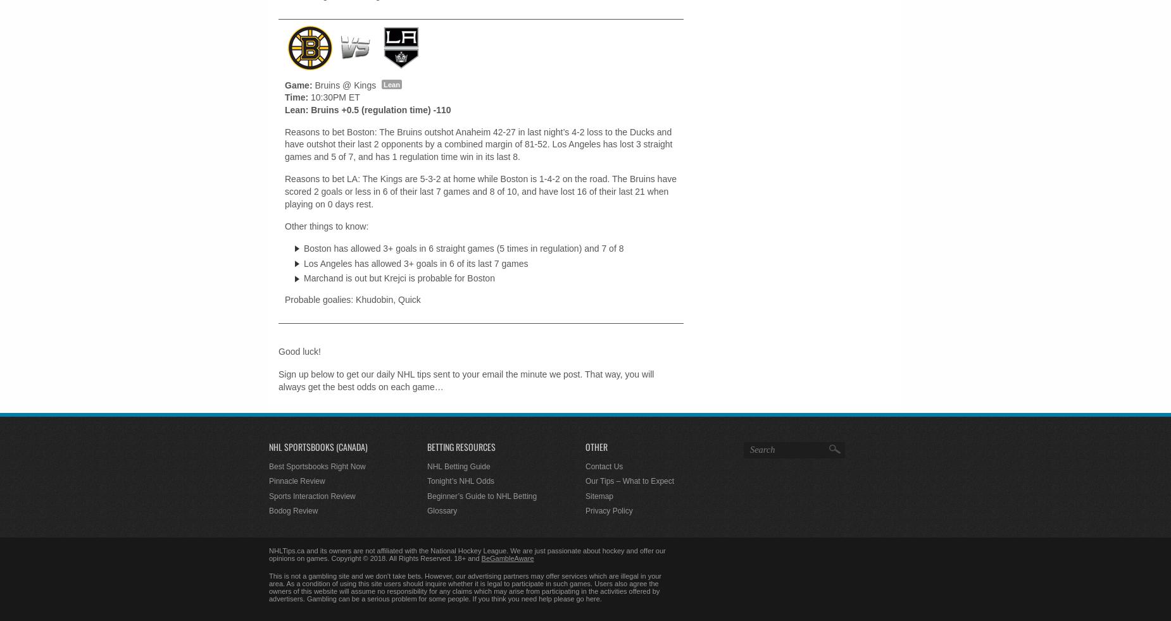 Image resolution: width=1171 pixels, height=621 pixels. I want to click on 'Sitemap', so click(599, 496).